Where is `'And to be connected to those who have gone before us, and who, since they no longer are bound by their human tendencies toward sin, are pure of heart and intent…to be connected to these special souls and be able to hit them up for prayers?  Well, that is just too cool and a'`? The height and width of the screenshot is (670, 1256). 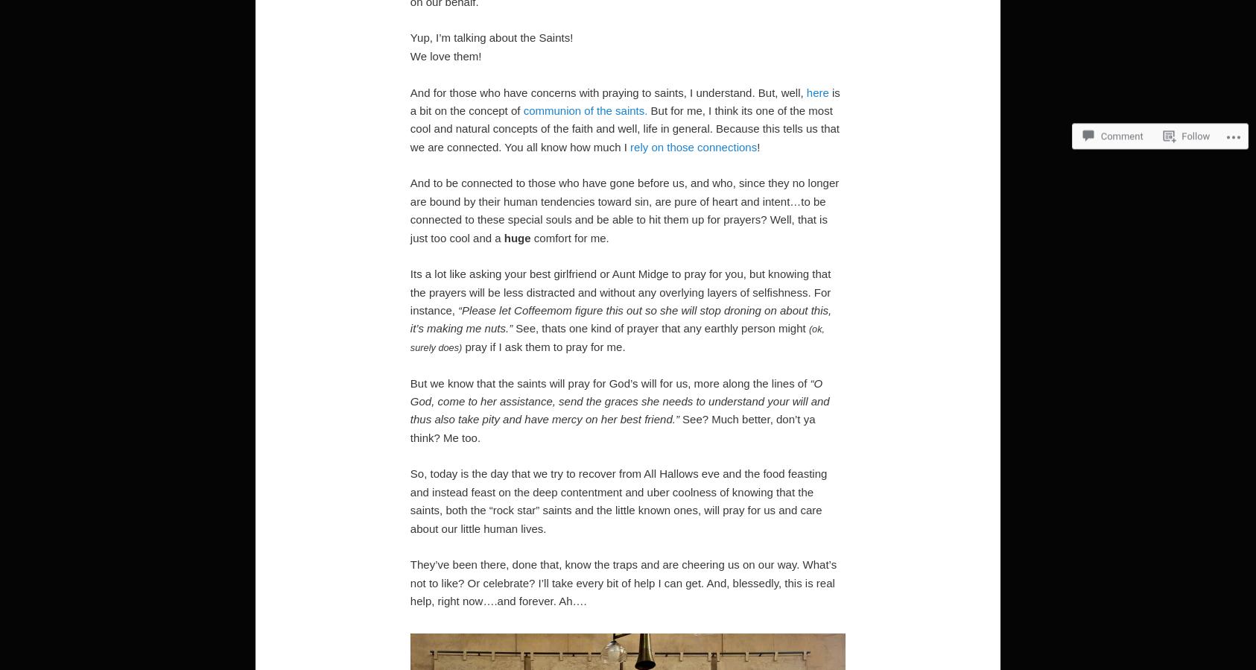 'And to be connected to those who have gone before us, and who, since they no longer are bound by their human tendencies toward sin, are pure of heart and intent…to be connected to these special souls and be able to hit them up for prayers?  Well, that is just too cool and a' is located at coordinates (624, 210).